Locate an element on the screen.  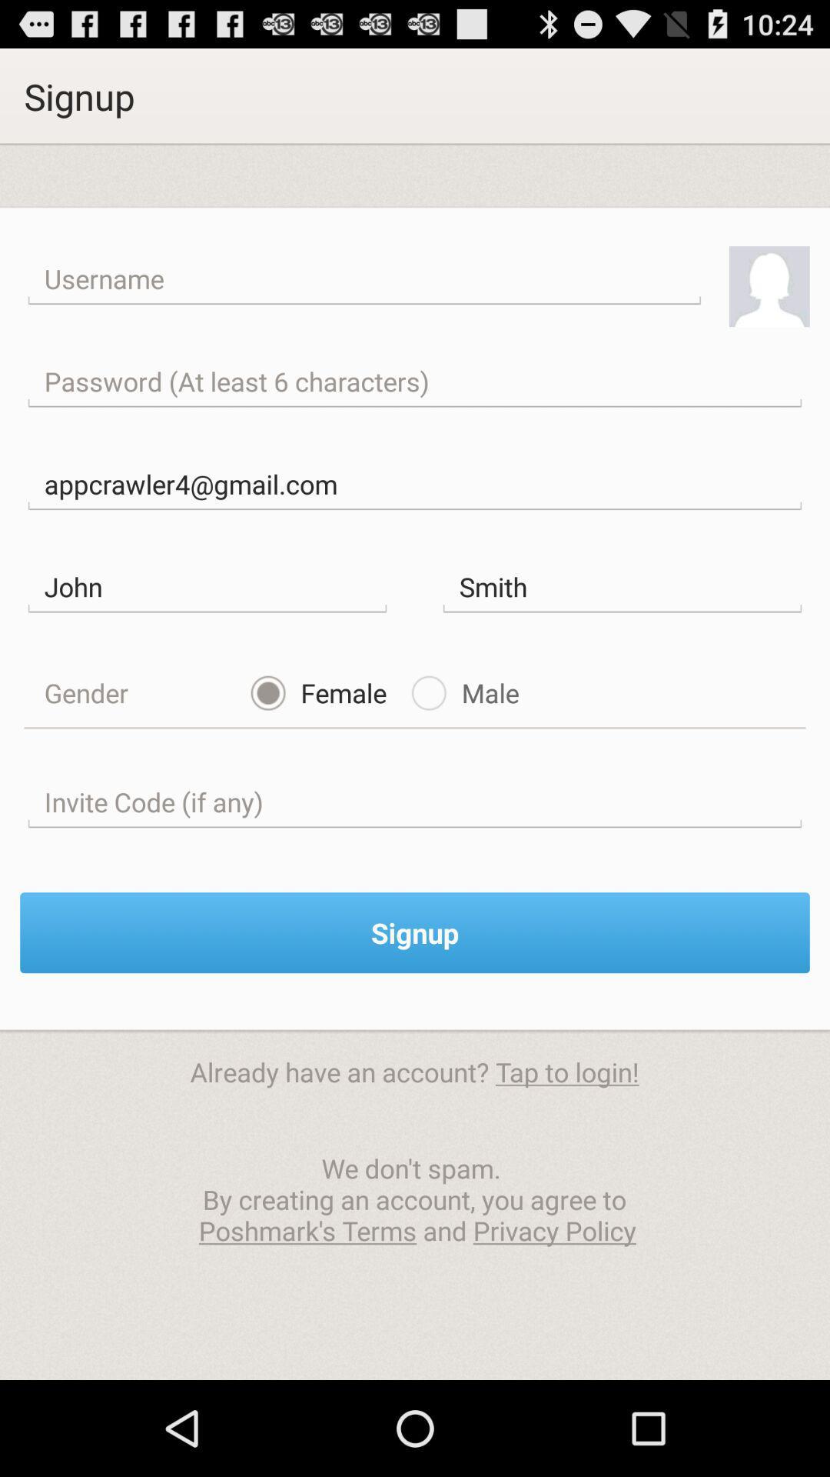
type username is located at coordinates (364, 279).